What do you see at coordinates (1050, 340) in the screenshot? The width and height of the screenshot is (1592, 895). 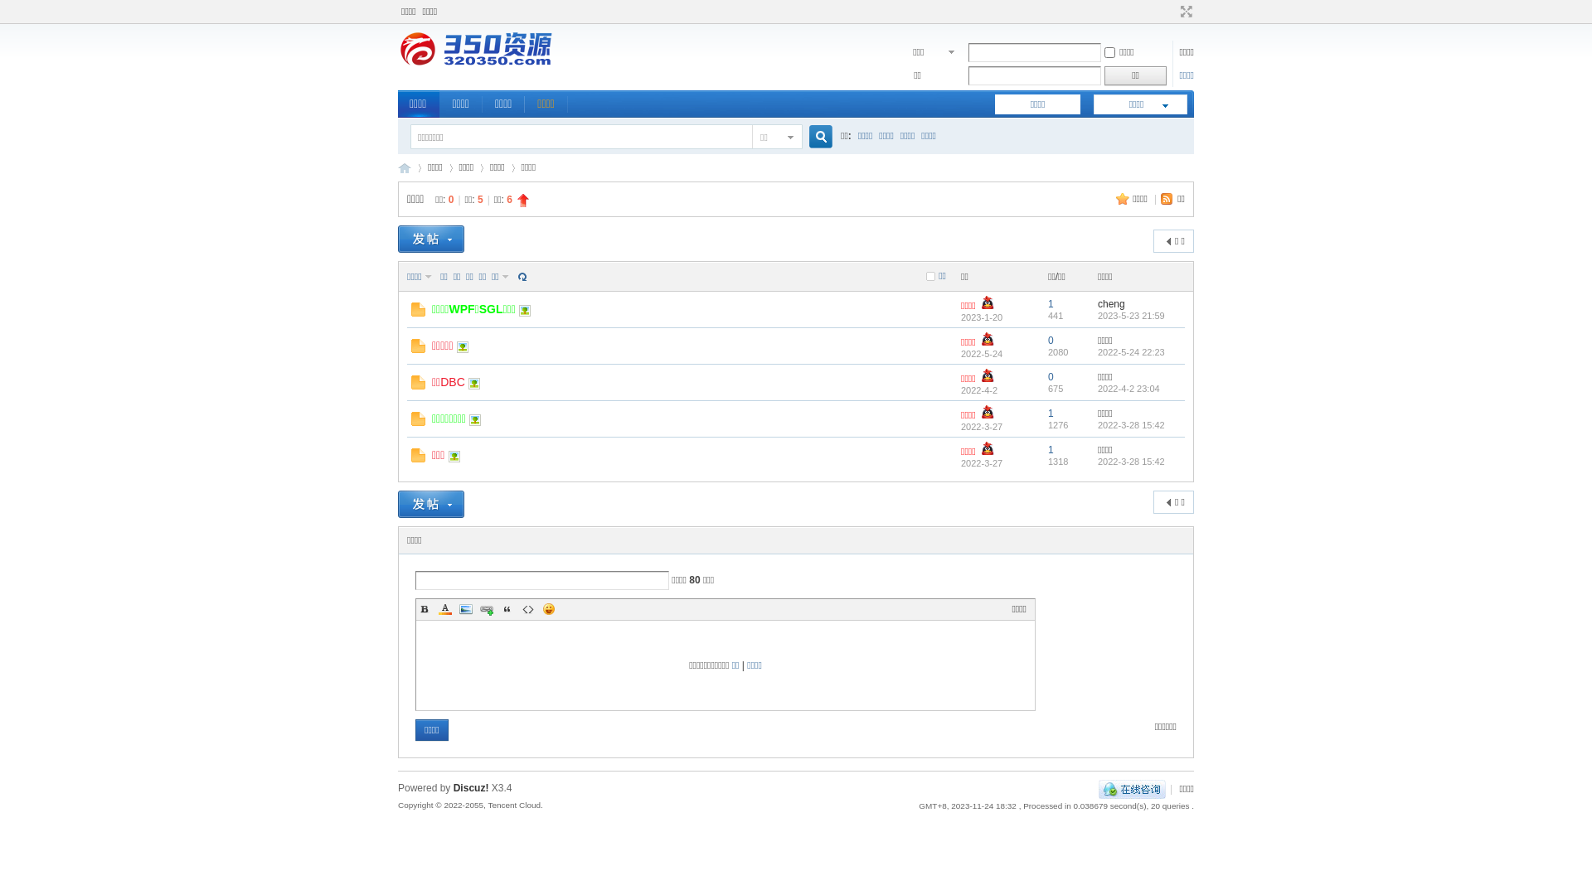 I see `'0'` at bounding box center [1050, 340].